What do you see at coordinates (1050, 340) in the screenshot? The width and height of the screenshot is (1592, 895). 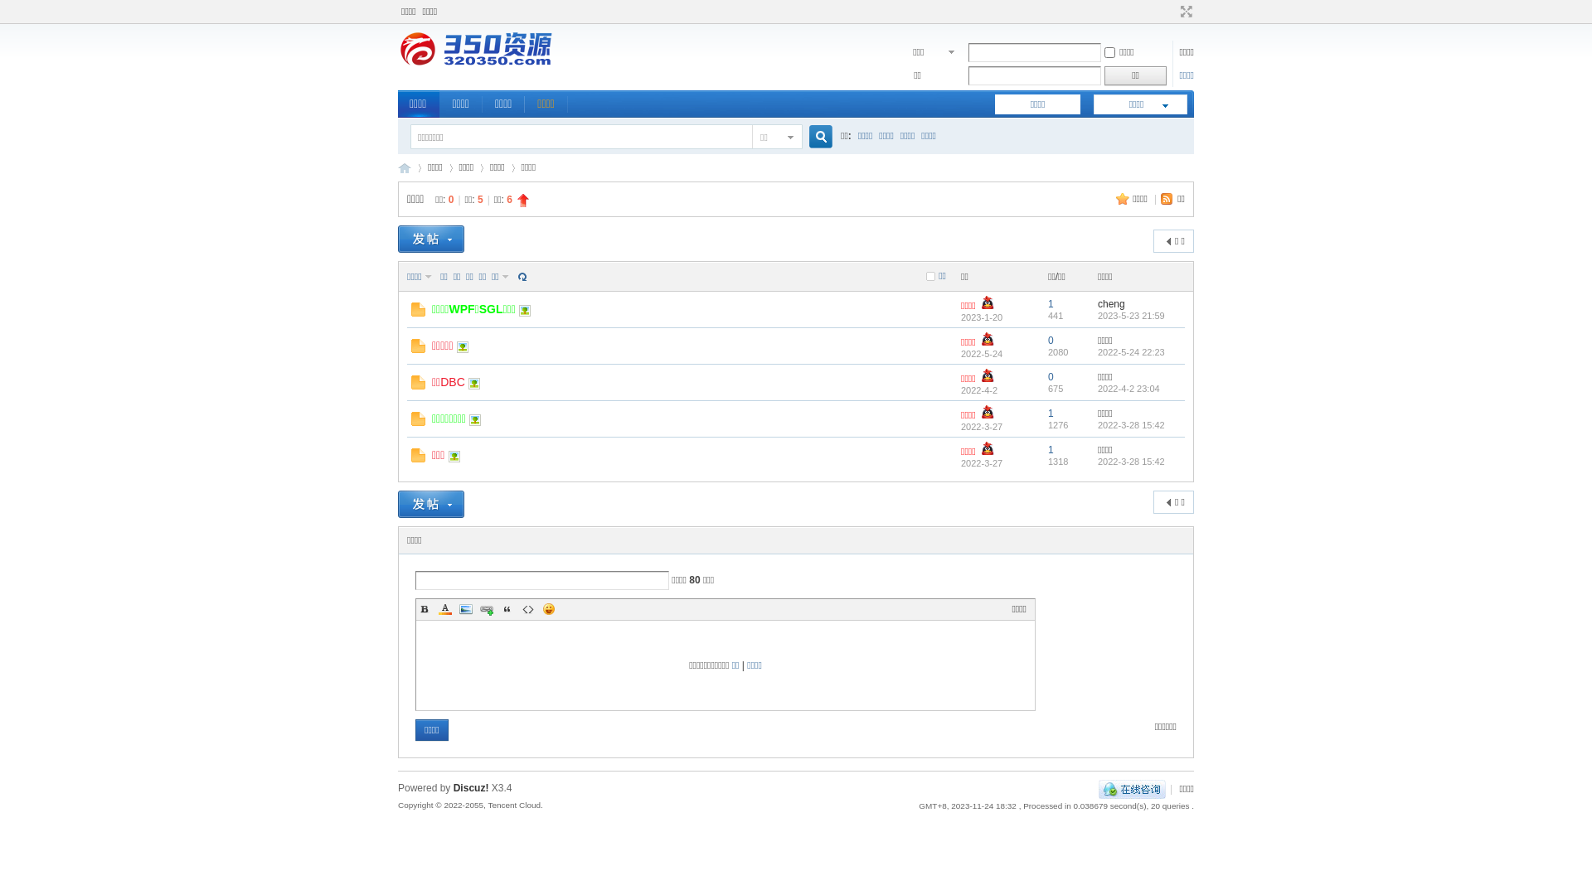 I see `'0'` at bounding box center [1050, 340].